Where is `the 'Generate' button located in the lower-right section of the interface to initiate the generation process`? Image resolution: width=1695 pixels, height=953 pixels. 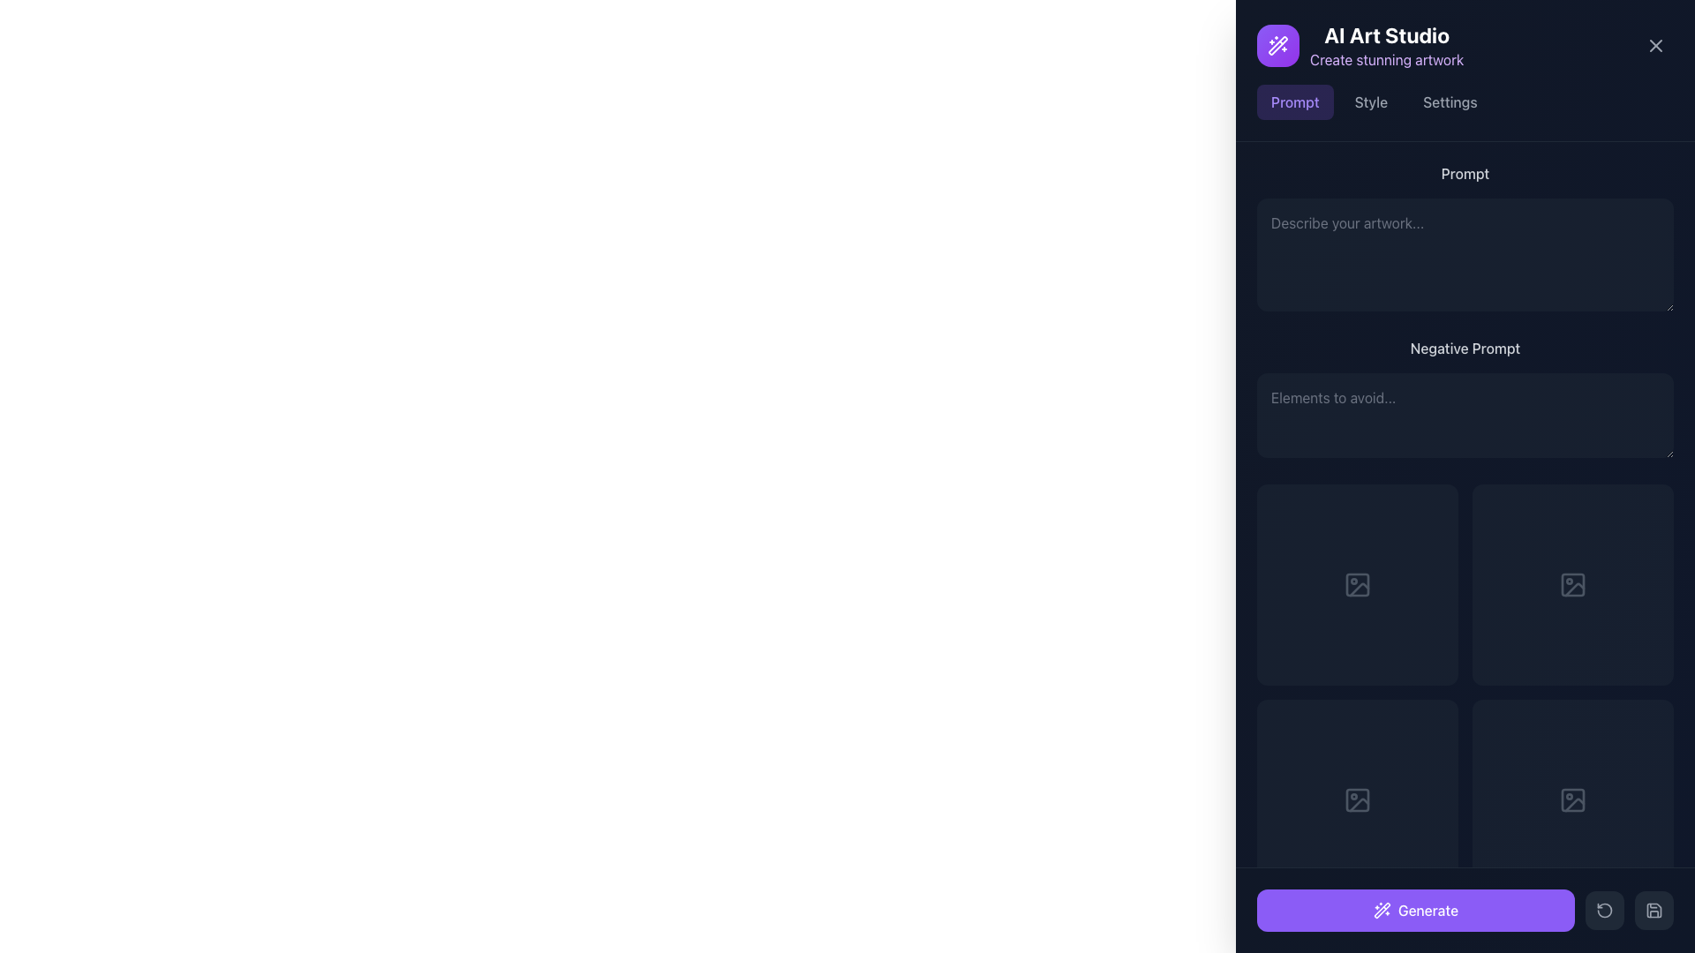
the 'Generate' button located in the lower-right section of the interface to initiate the generation process is located at coordinates (1465, 911).